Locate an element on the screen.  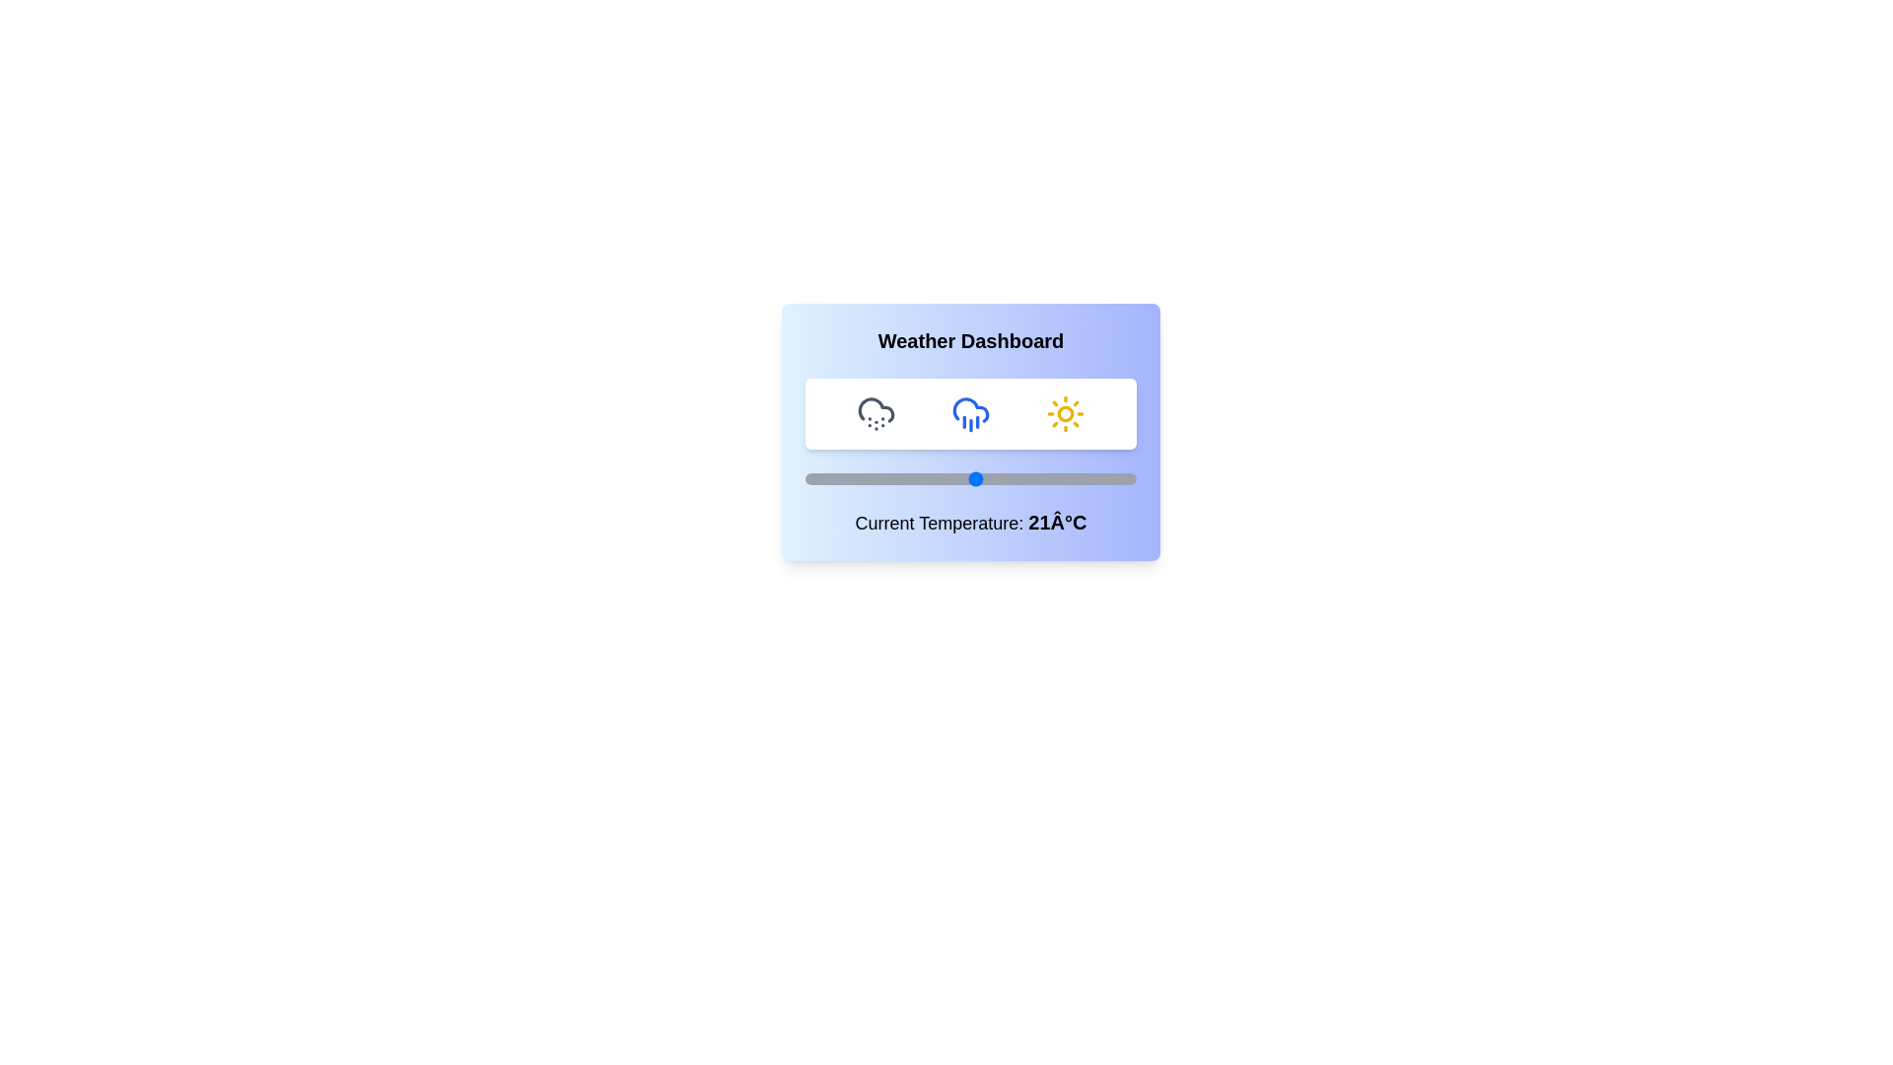
the temperature slider to set the temperature to 49°C is located at coordinates (1131, 479).